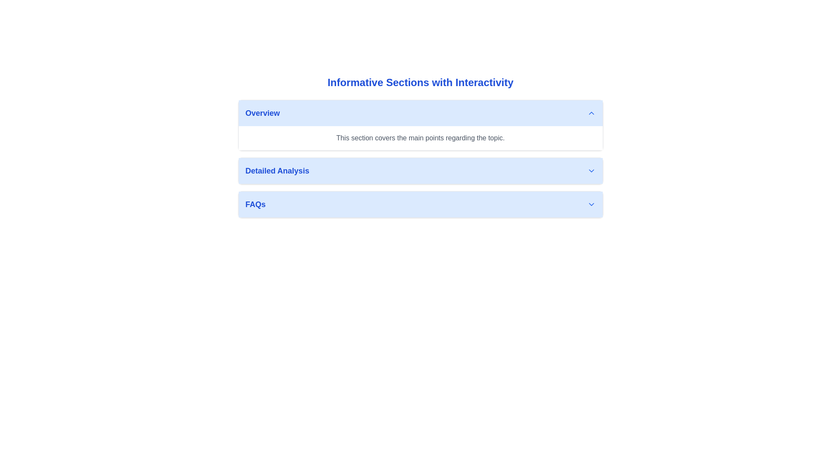 This screenshot has height=465, width=826. Describe the element at coordinates (420, 149) in the screenshot. I see `the collapsible section titled 'Informative Sections with Interactivity'` at that location.